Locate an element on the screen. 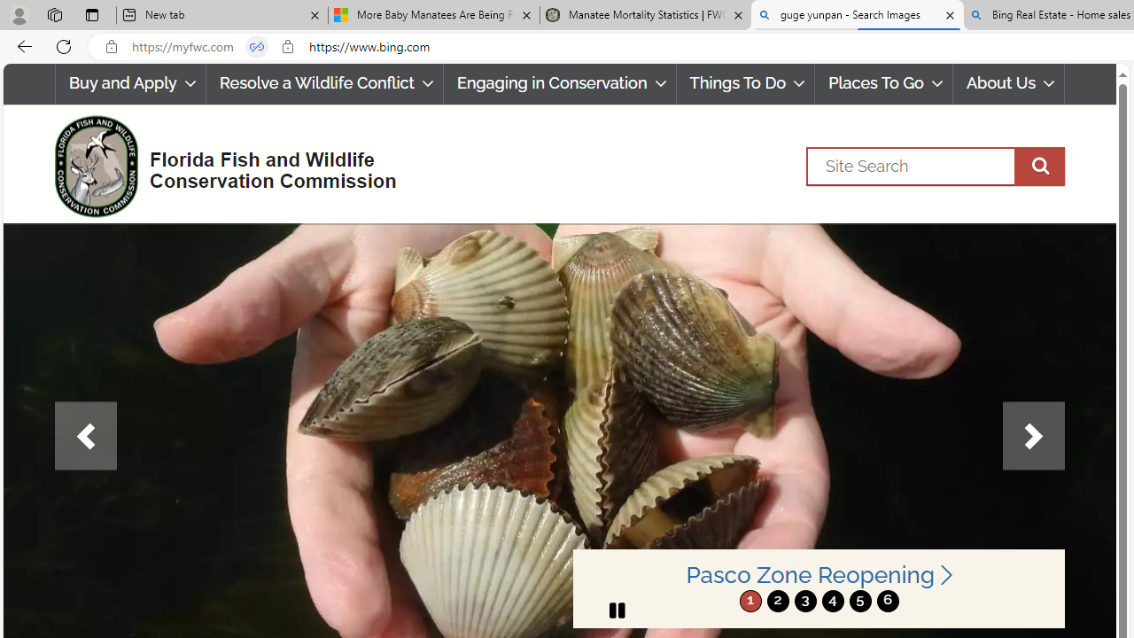 Image resolution: width=1134 pixels, height=638 pixels. 'Buy and Apply' is located at coordinates (129, 83).